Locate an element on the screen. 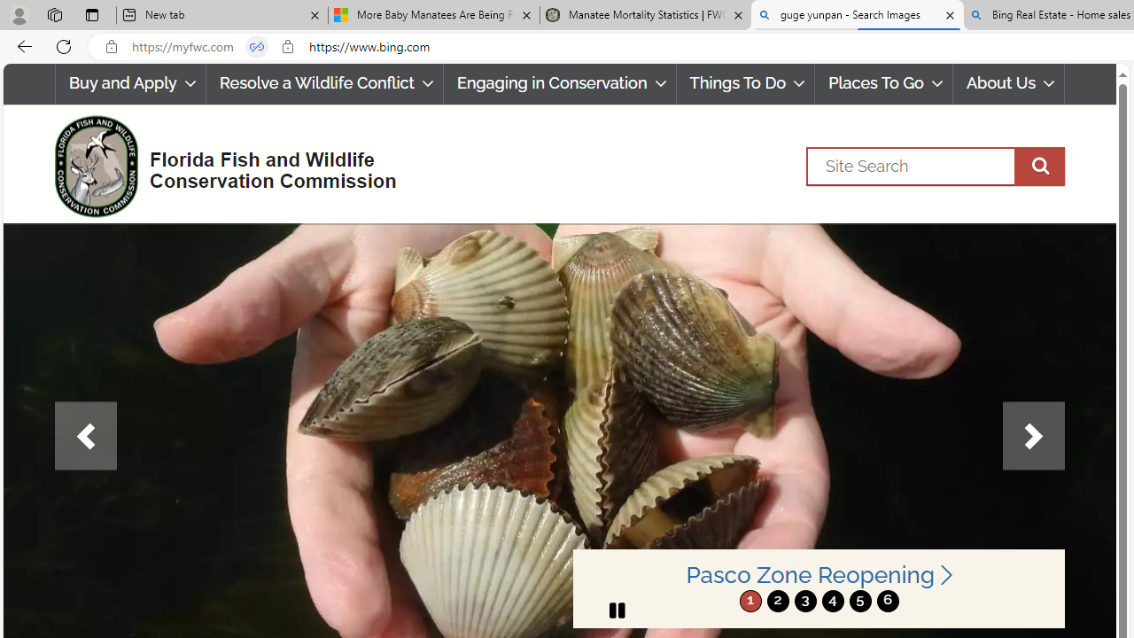 Image resolution: width=1134 pixels, height=638 pixels. 'Buy and Apply' is located at coordinates (129, 83).